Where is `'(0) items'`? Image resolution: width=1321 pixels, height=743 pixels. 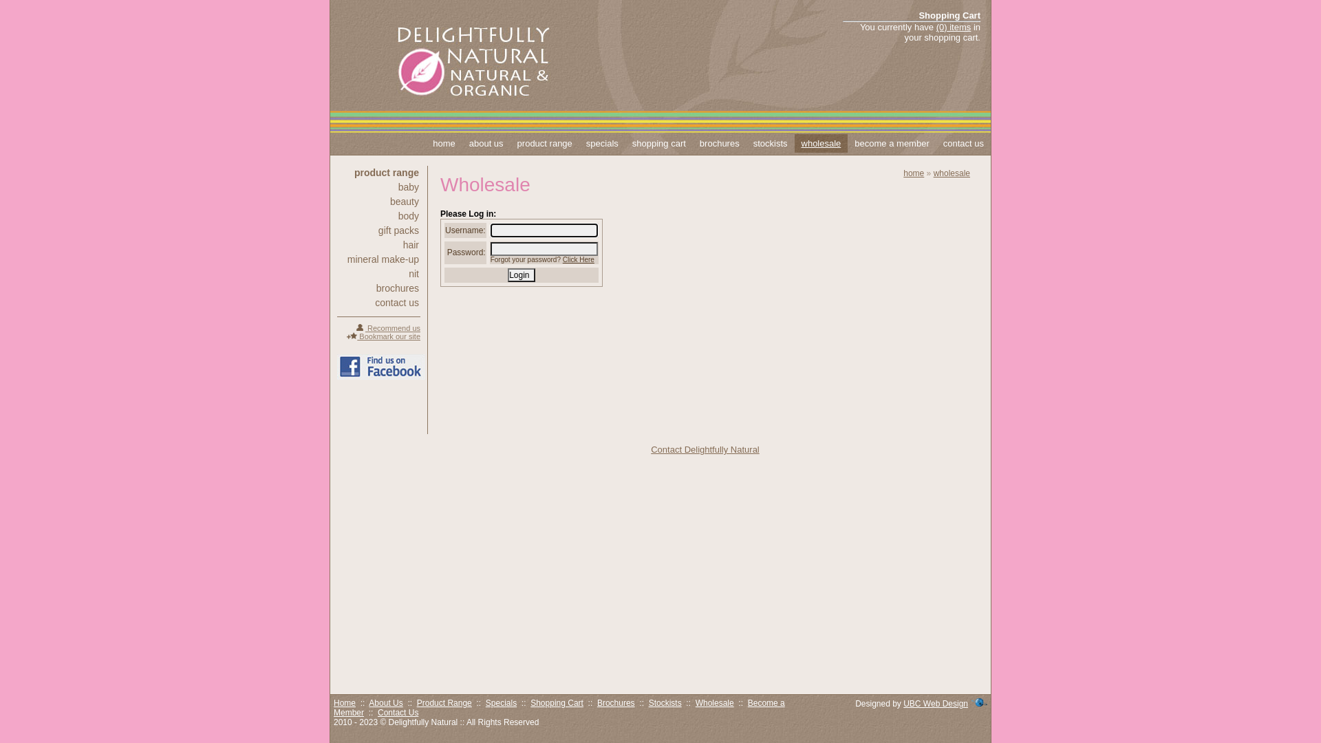
'(0) items' is located at coordinates (936, 27).